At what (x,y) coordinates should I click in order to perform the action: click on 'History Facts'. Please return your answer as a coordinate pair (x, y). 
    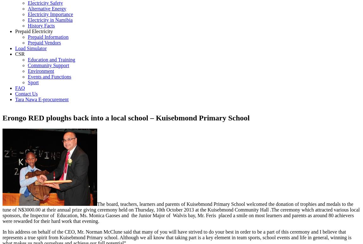
    Looking at the image, I should click on (41, 26).